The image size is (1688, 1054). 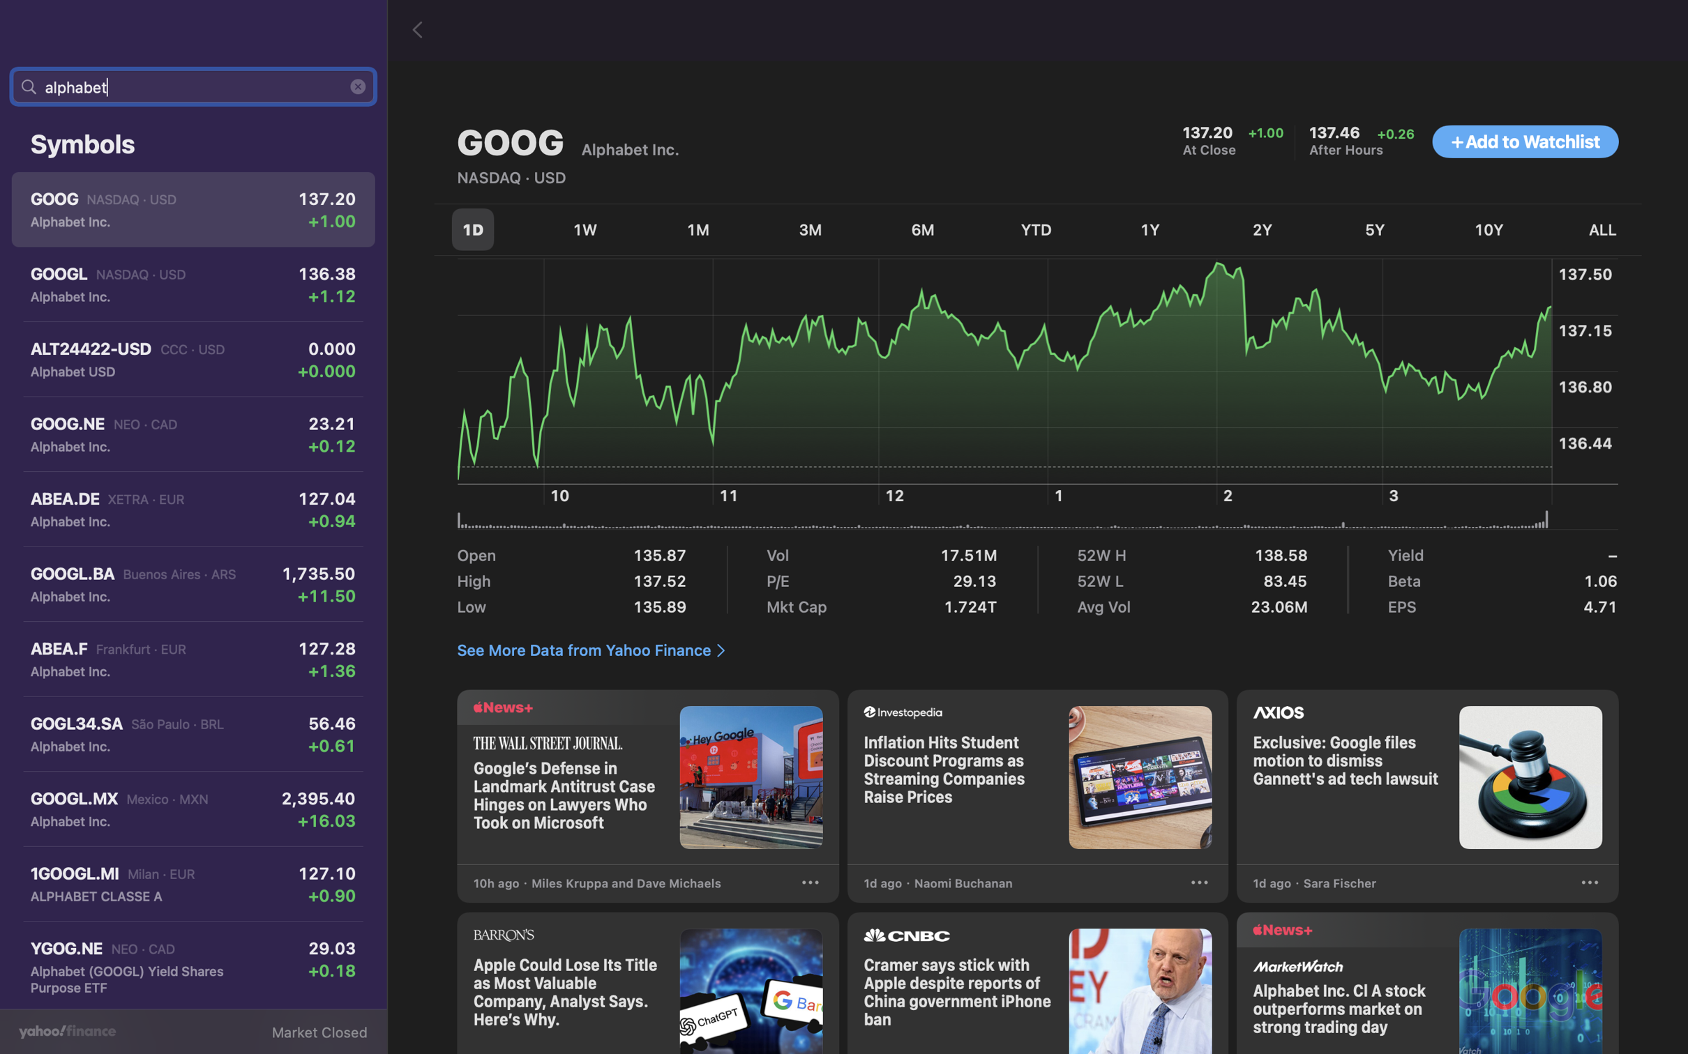 I want to click on Add the stock to watchlist, so click(x=1525, y=142).